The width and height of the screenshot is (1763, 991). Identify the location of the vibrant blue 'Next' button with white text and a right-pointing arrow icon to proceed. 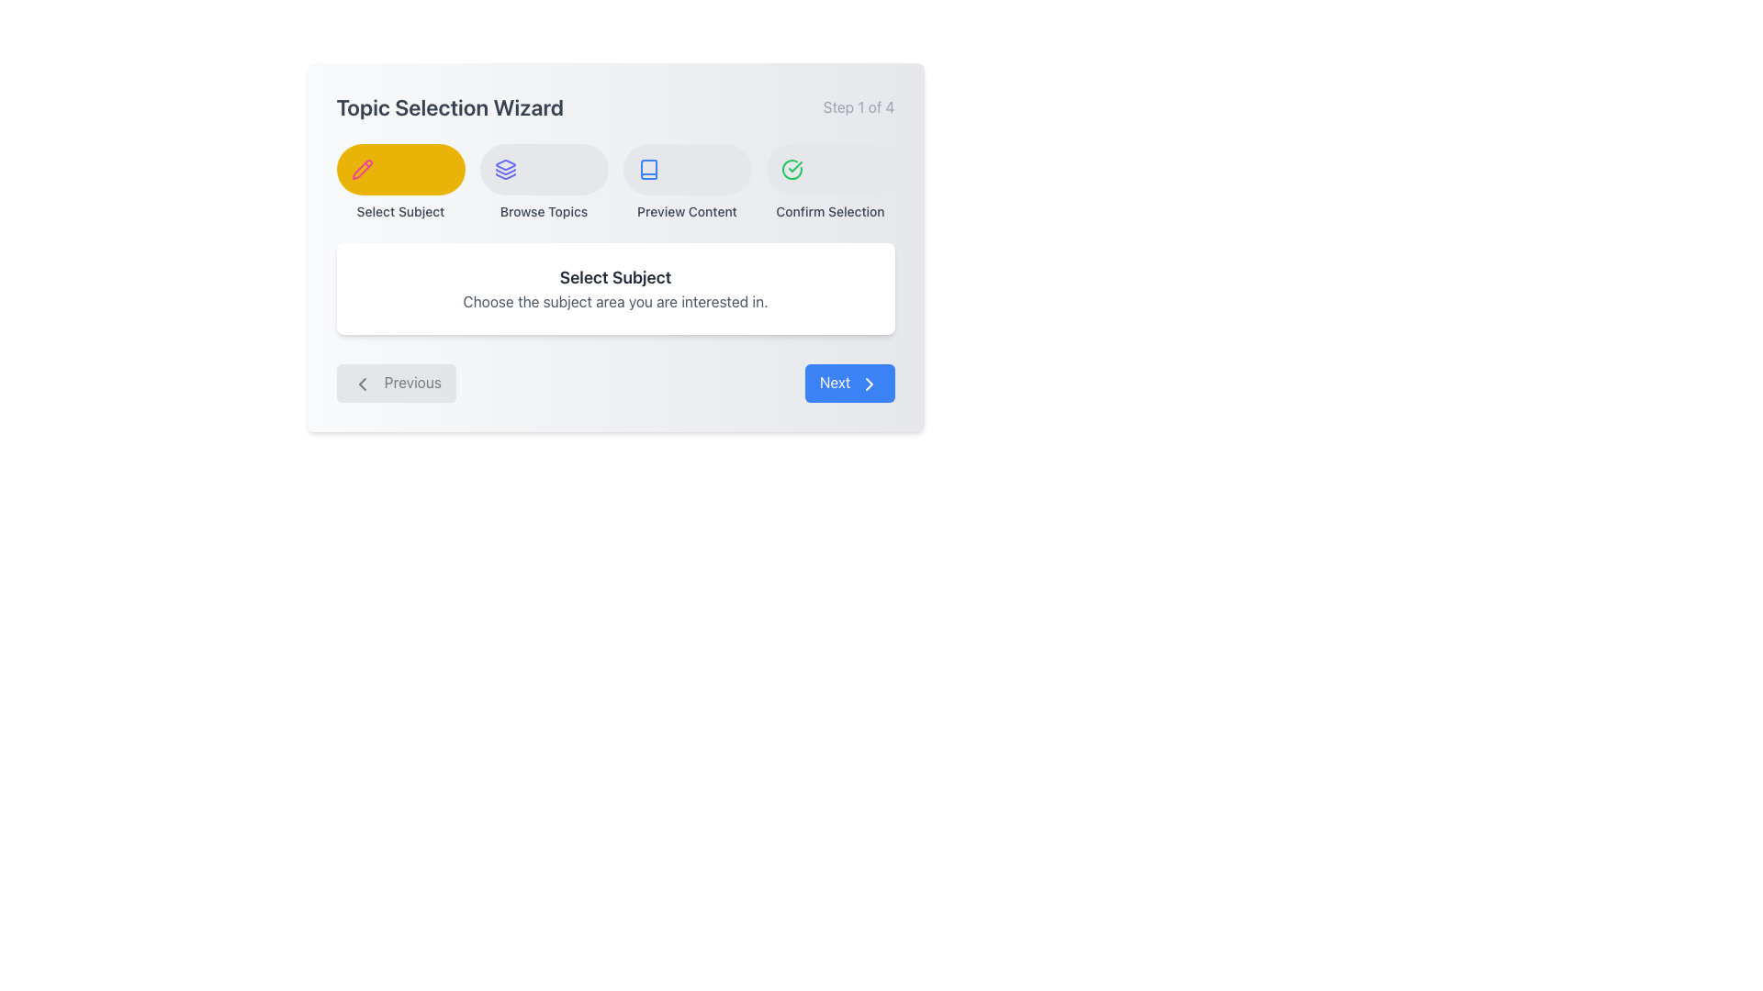
(848, 382).